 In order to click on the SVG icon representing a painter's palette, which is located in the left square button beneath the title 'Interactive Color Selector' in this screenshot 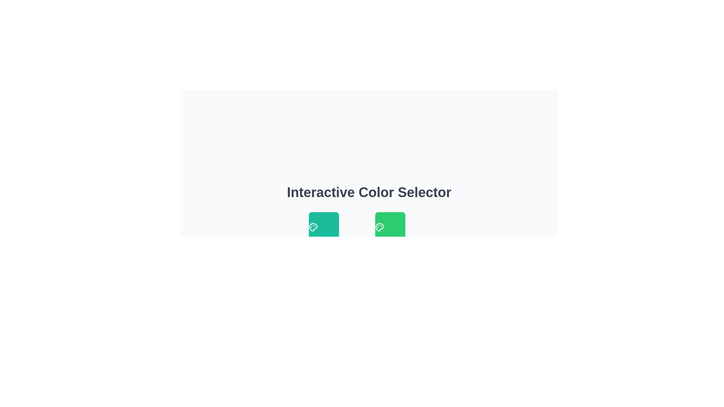, I will do `click(313, 226)`.